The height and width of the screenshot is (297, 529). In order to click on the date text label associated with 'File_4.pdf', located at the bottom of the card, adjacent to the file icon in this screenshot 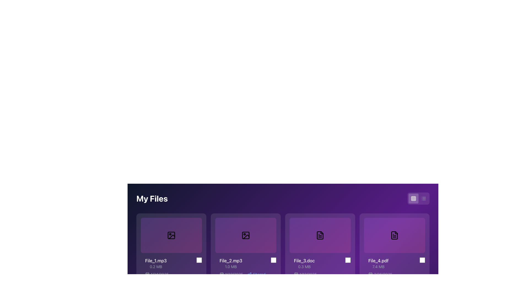, I will do `click(380, 274)`.